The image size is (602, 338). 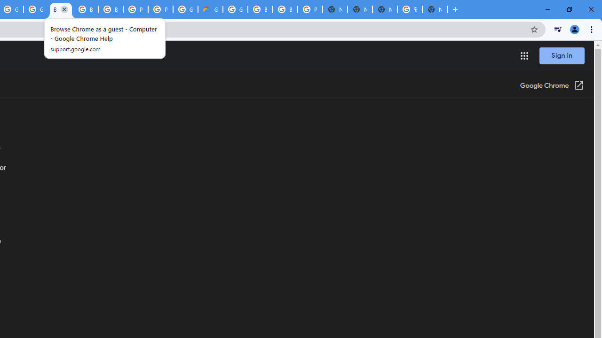 I want to click on 'Google Chrome (Open in a new window)', so click(x=552, y=86).